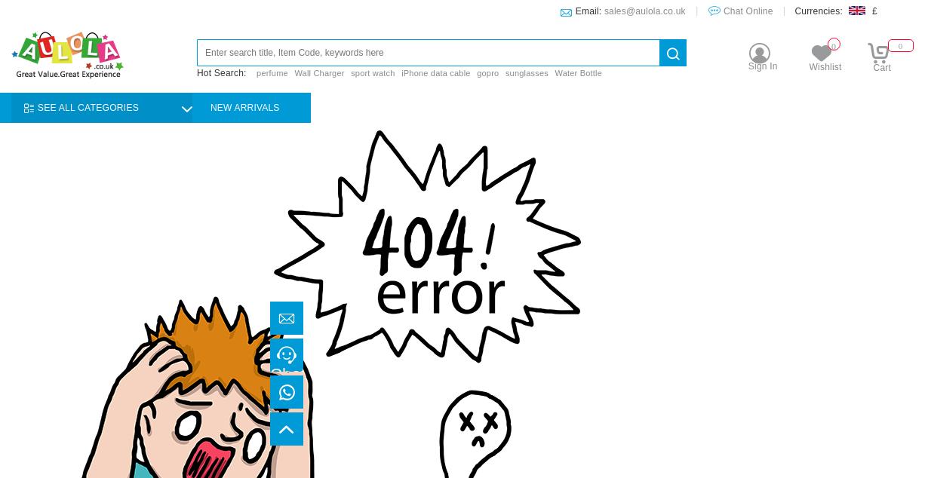 The height and width of the screenshot is (478, 928). Describe the element at coordinates (293, 394) in the screenshot. I see `'Online'` at that location.